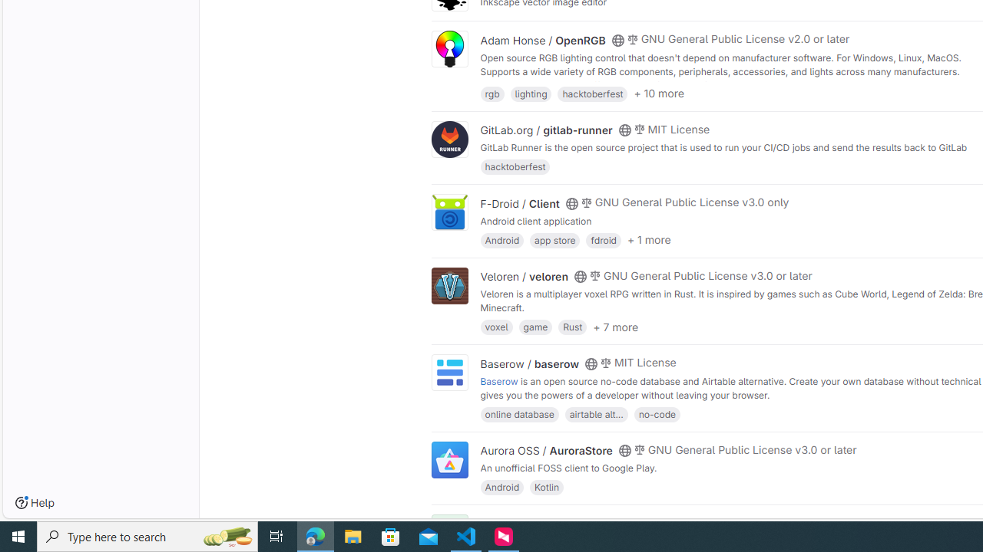 The width and height of the screenshot is (983, 552). Describe the element at coordinates (572, 326) in the screenshot. I see `'Rust'` at that location.